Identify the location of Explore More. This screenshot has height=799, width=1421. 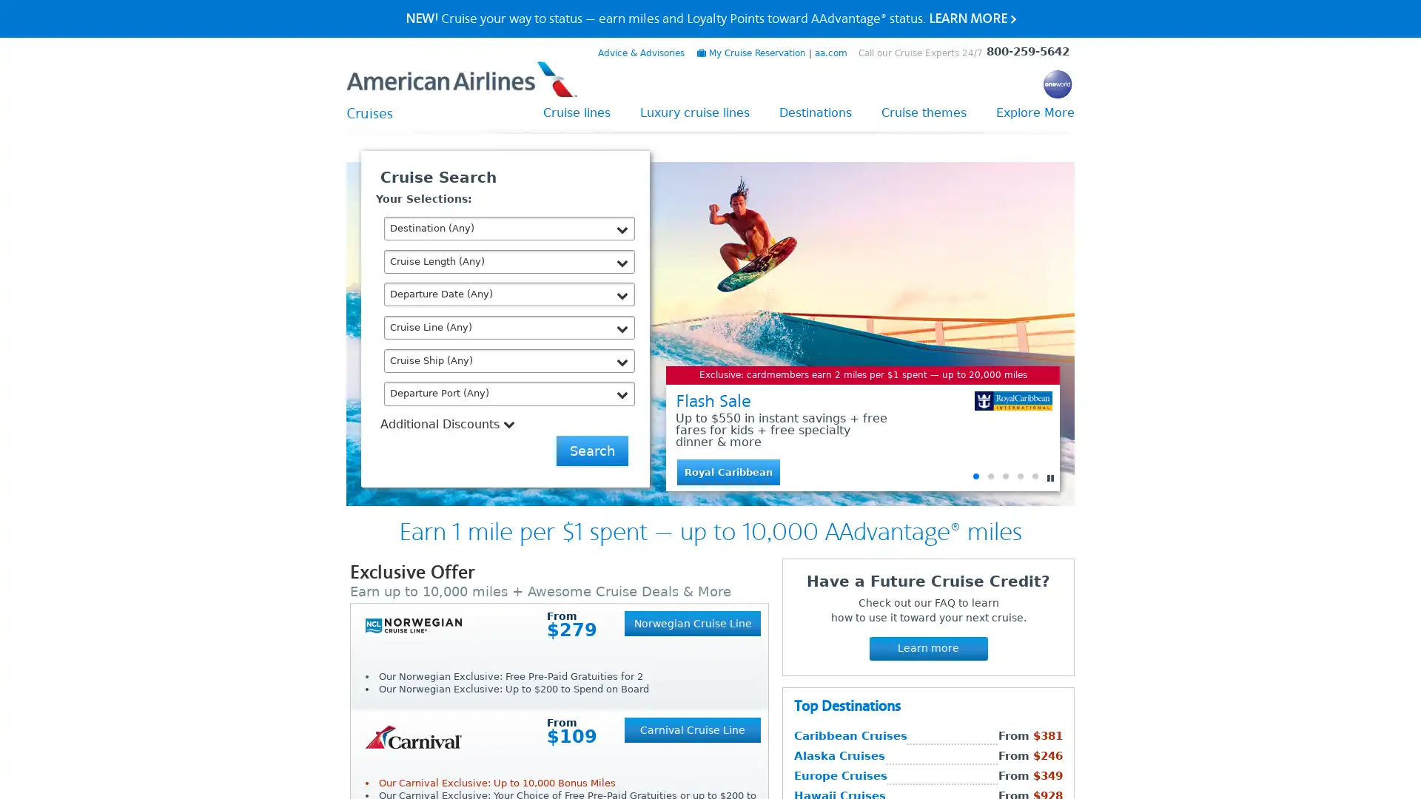
(1034, 111).